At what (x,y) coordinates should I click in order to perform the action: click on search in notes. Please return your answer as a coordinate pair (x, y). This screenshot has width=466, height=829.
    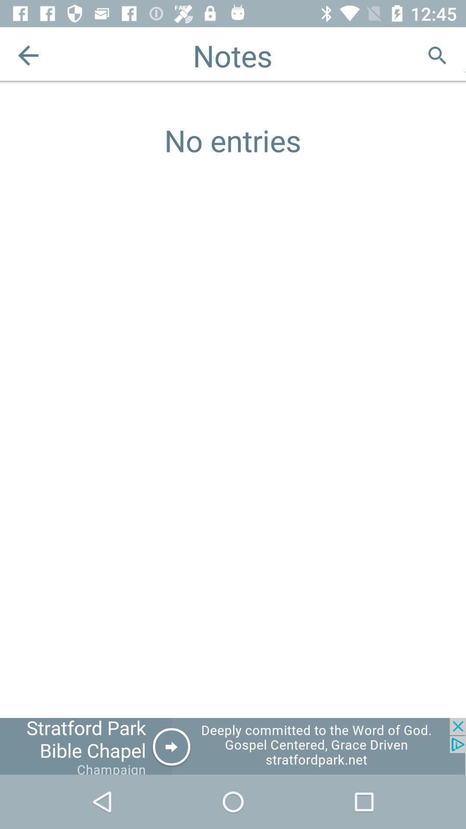
    Looking at the image, I should click on (437, 55).